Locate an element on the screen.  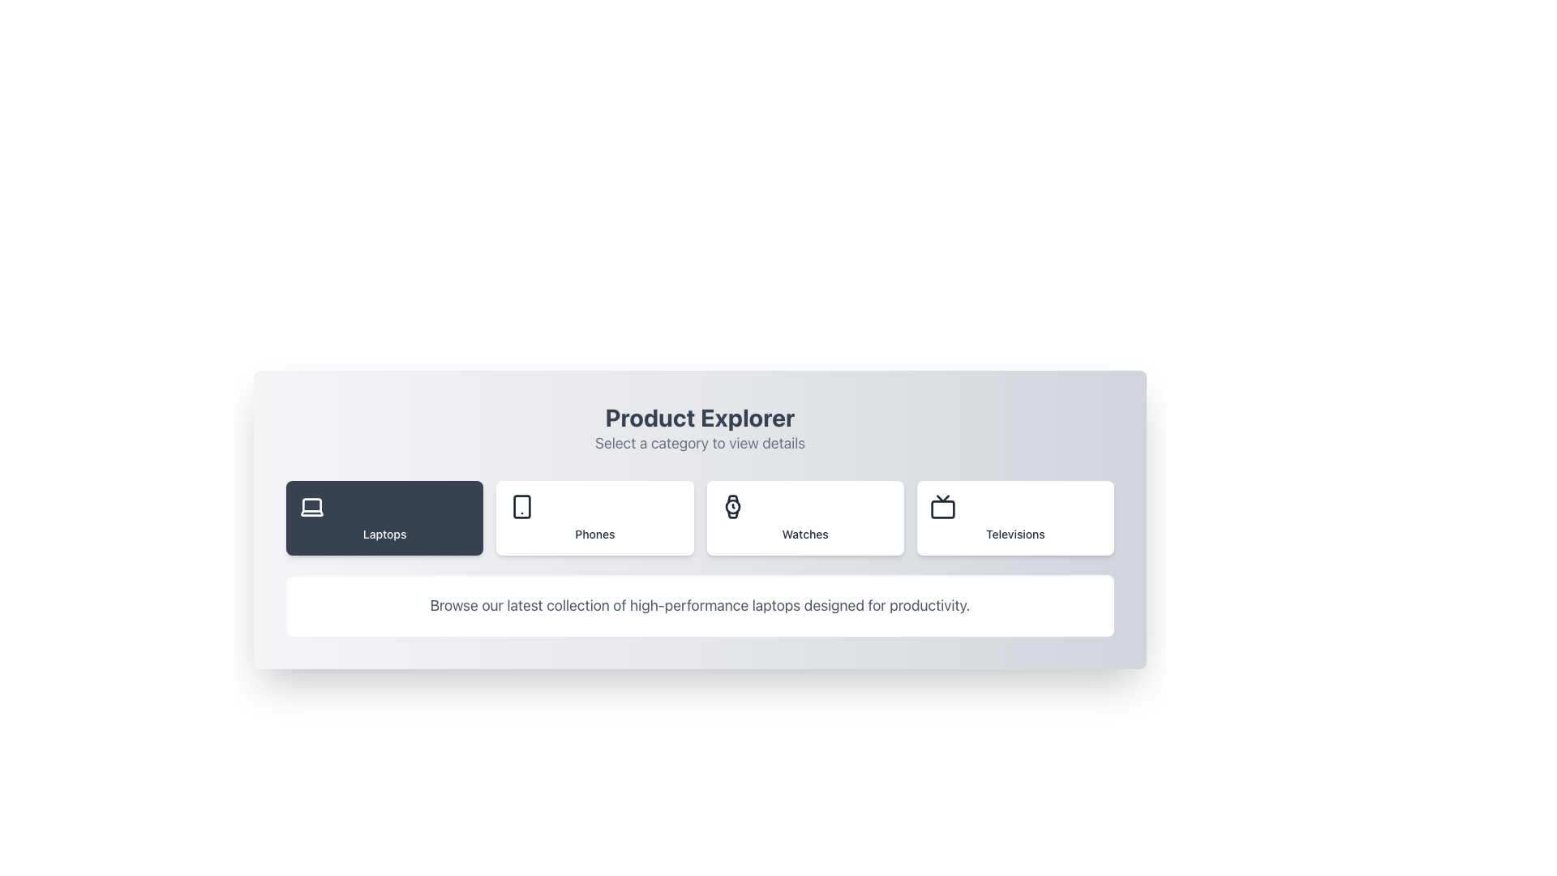
the text label displaying 'Laptops', which is centrally aligned at the bottom of a dark gray card with rounded corners is located at coordinates (384, 535).